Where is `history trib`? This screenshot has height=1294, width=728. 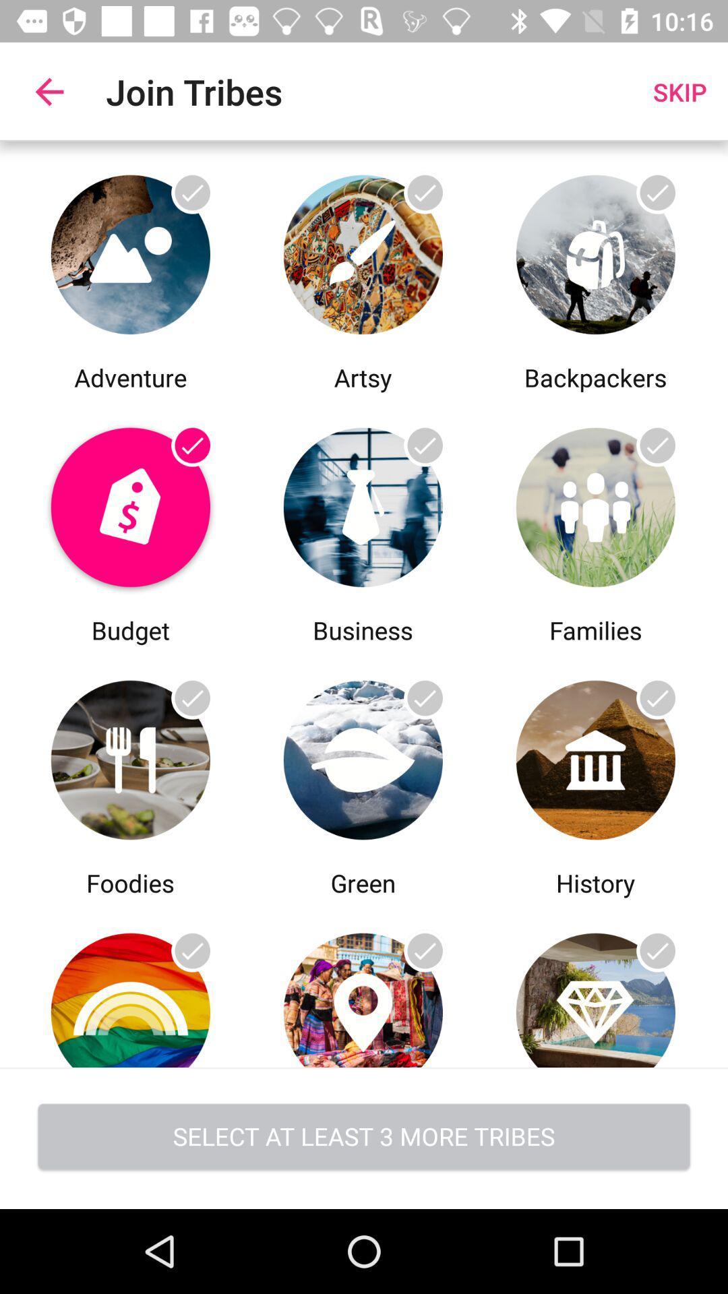
history trib is located at coordinates (595, 756).